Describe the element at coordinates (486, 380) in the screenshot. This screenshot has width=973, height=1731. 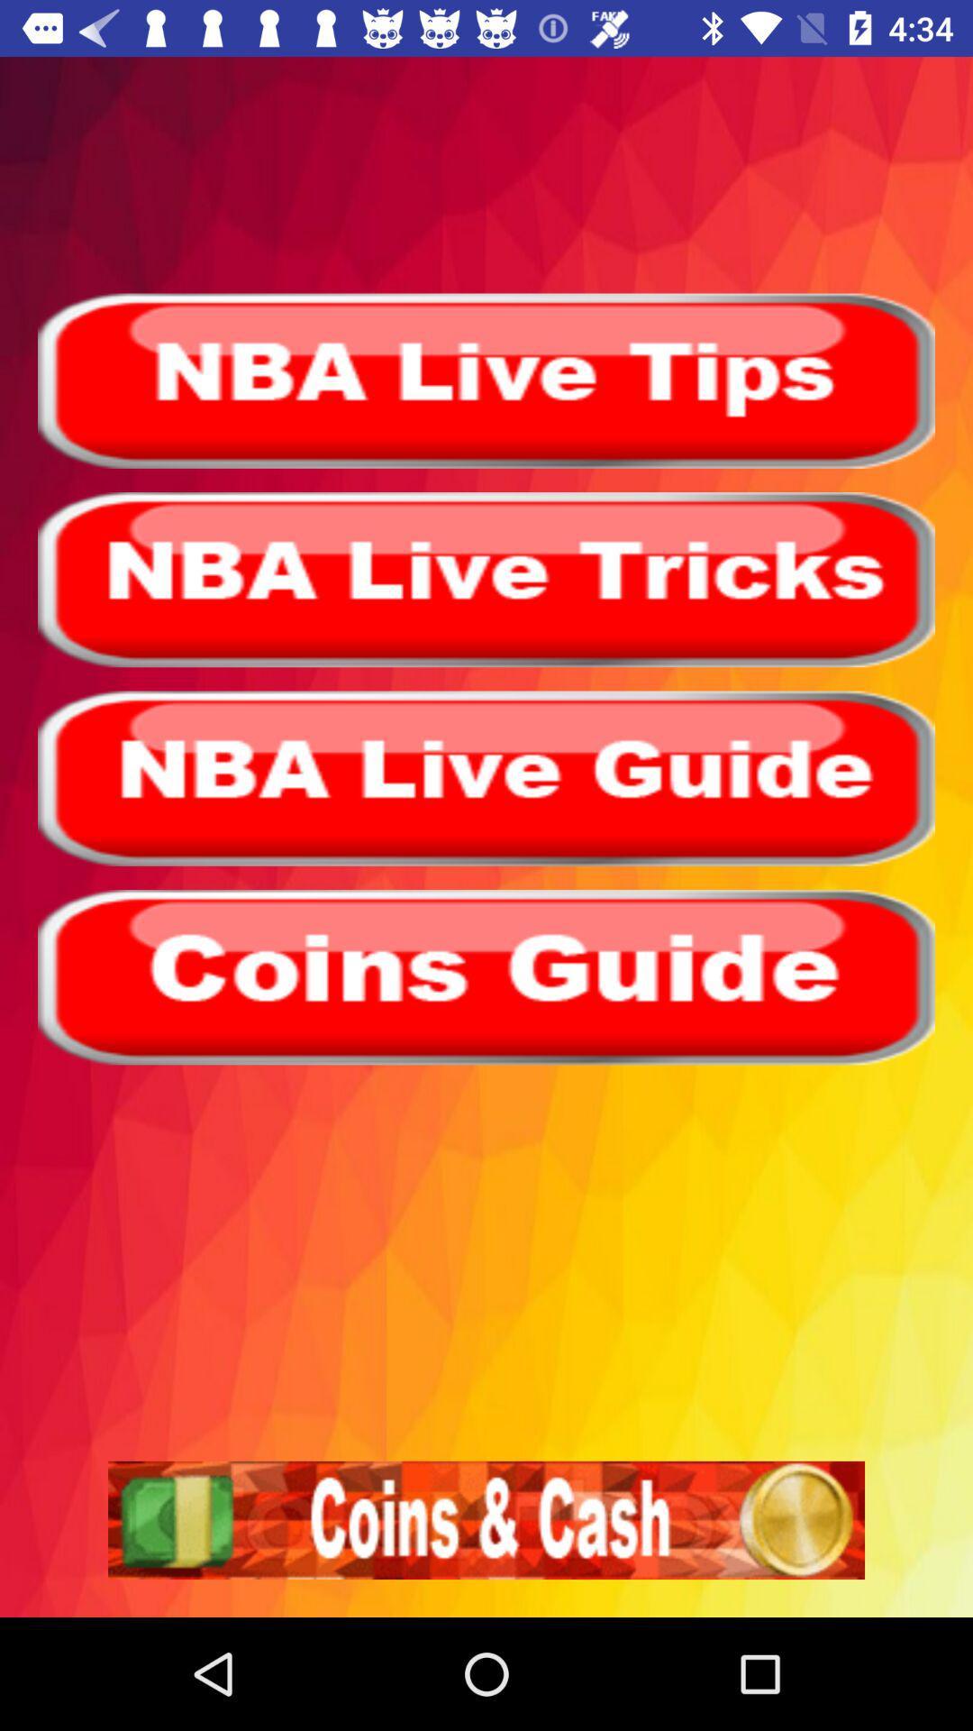
I see `the first menu selection` at that location.